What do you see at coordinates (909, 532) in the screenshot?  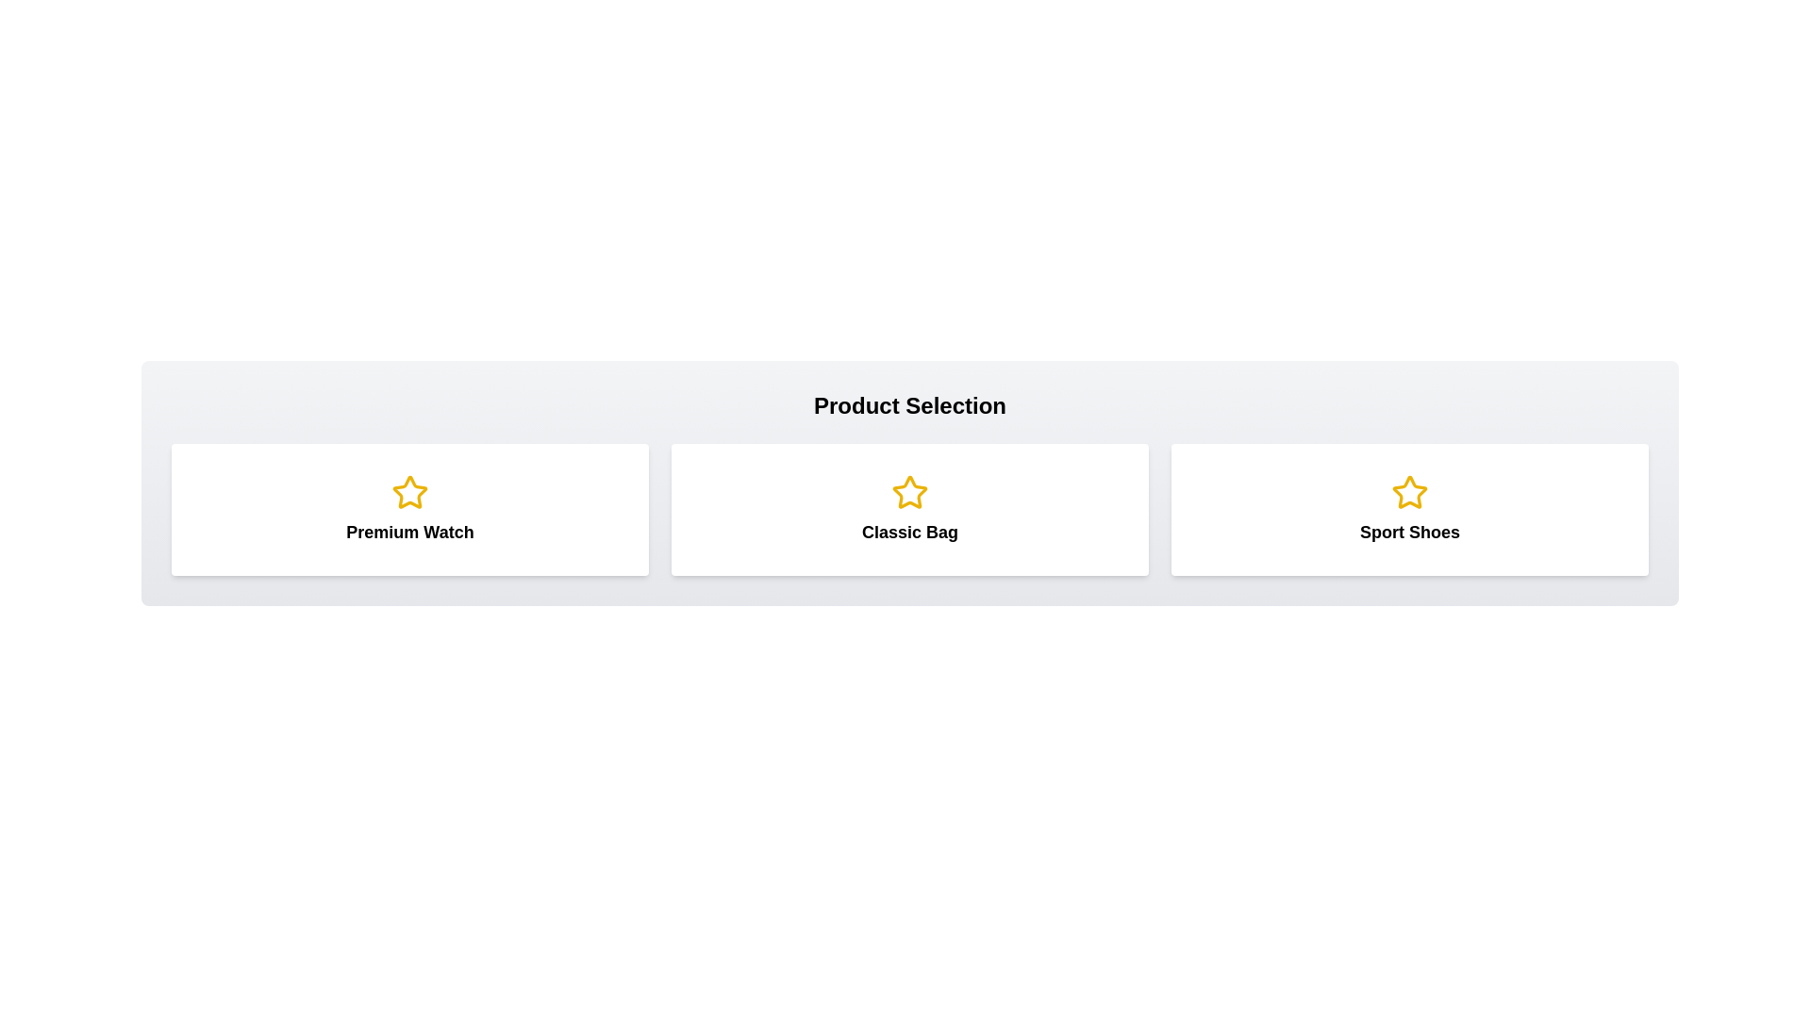 I see `text content of the label titled 'Classic Bag', which is located at the bottom center of the card layout, beneath the star icon` at bounding box center [909, 532].